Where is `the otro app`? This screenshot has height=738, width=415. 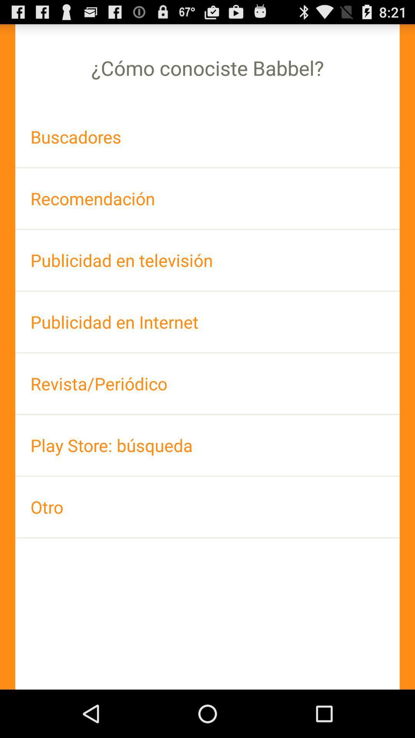
the otro app is located at coordinates (207, 507).